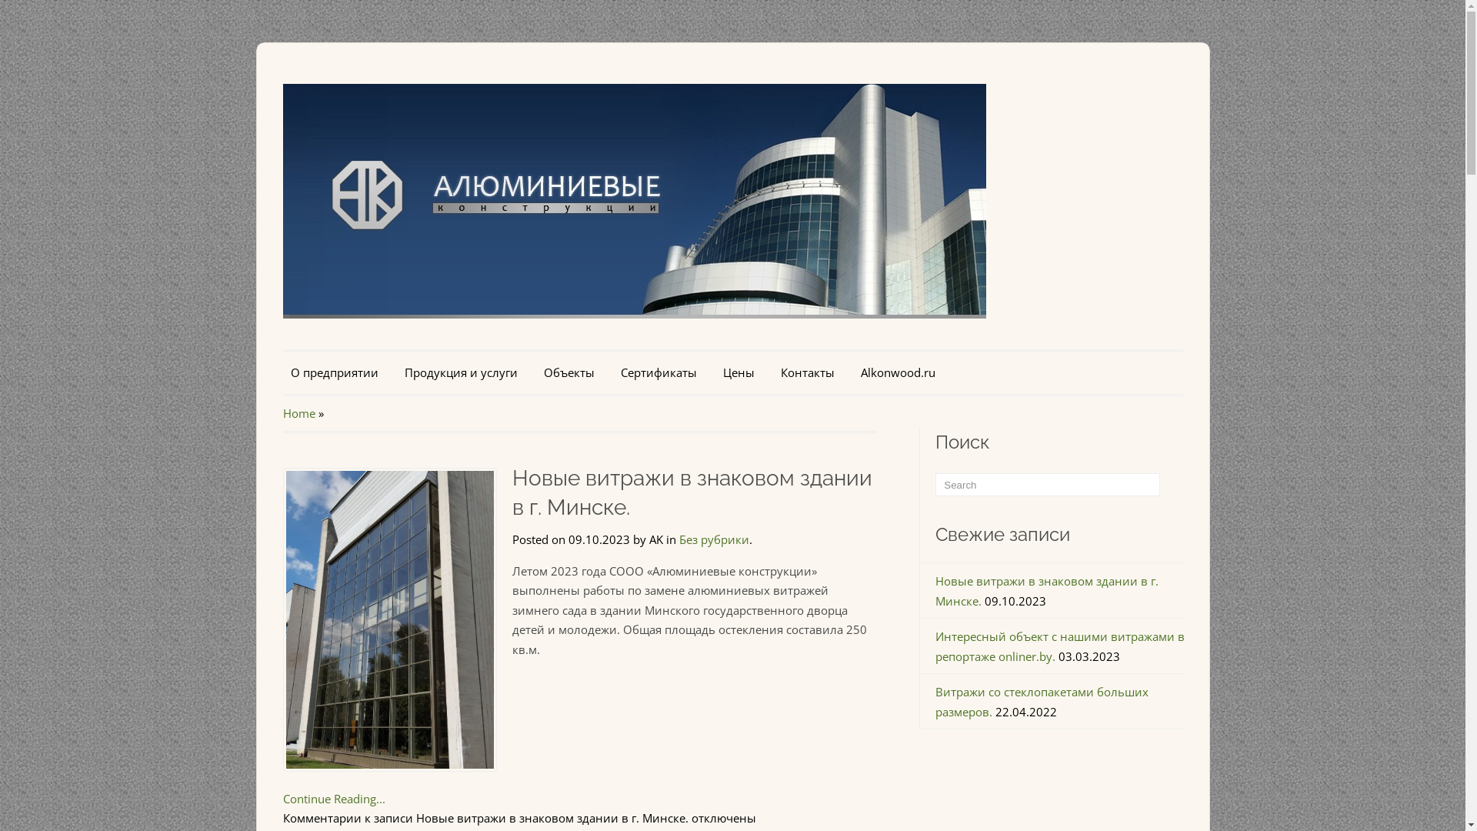 Image resolution: width=1477 pixels, height=831 pixels. Describe the element at coordinates (897, 373) in the screenshot. I see `'Alkonwood.ru'` at that location.